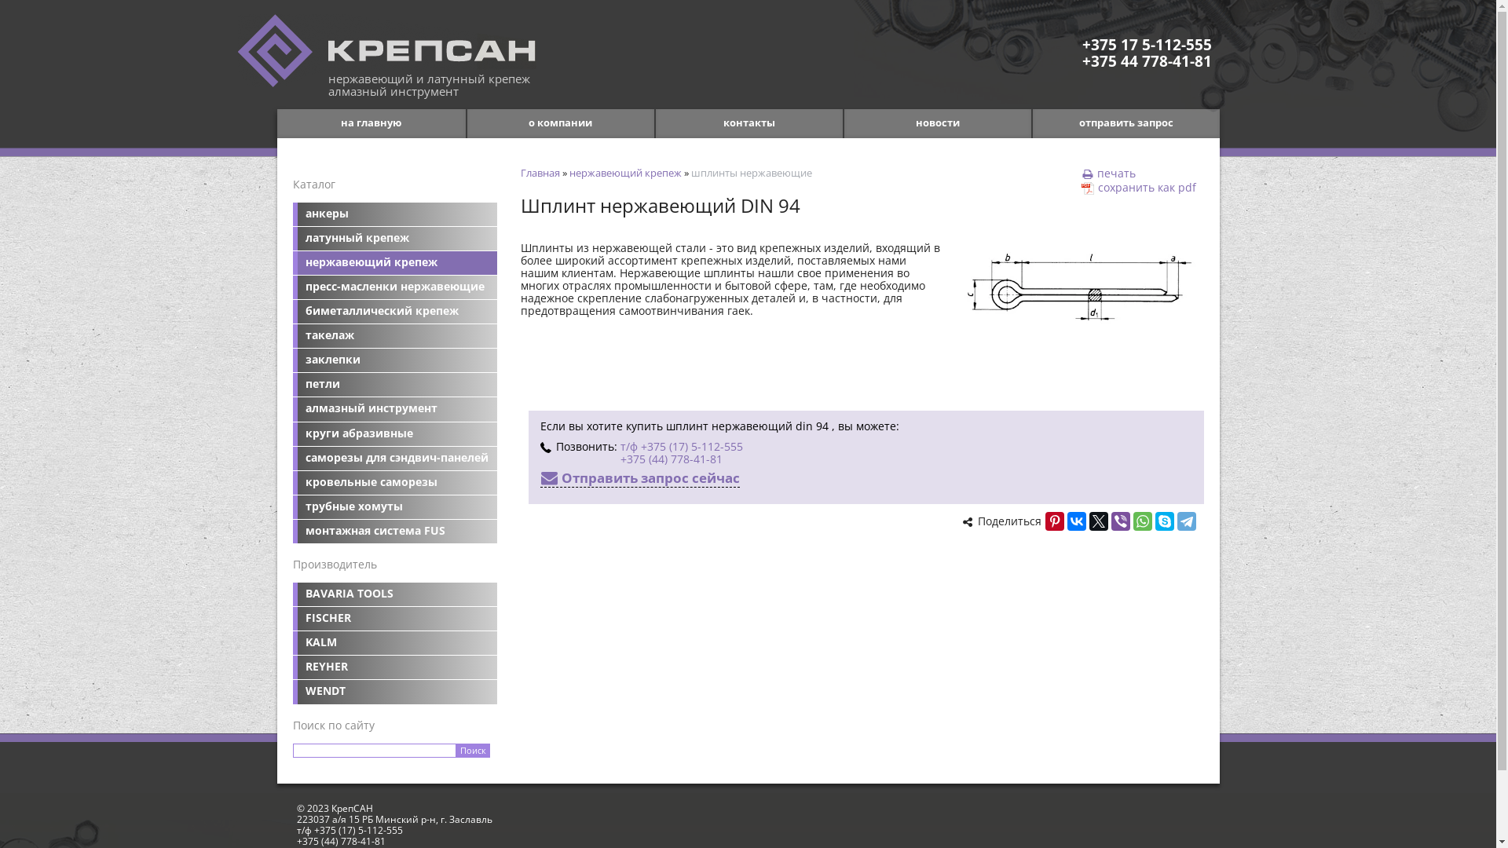 This screenshot has width=1508, height=848. Describe the element at coordinates (1154, 521) in the screenshot. I see `'Skype'` at that location.